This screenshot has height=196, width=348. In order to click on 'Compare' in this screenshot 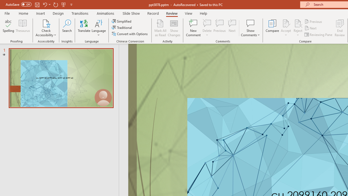, I will do `click(272, 28)`.